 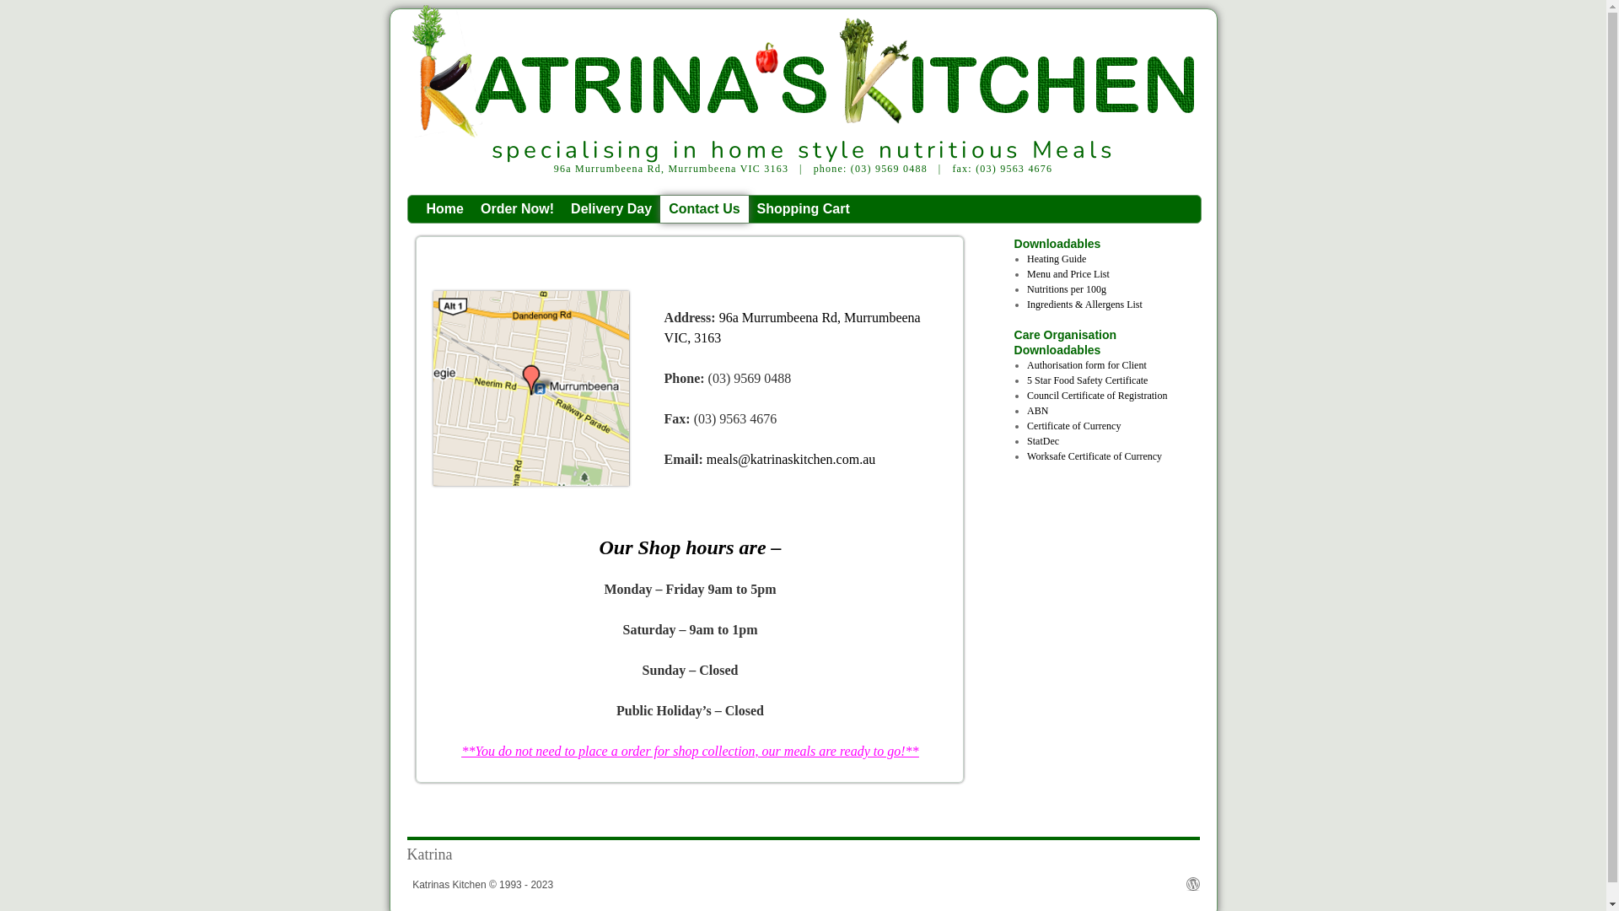 I want to click on 'Certificate of Currency', so click(x=1026, y=425).